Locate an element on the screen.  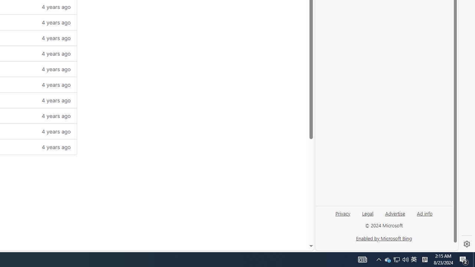
'Privacy' is located at coordinates (342, 213).